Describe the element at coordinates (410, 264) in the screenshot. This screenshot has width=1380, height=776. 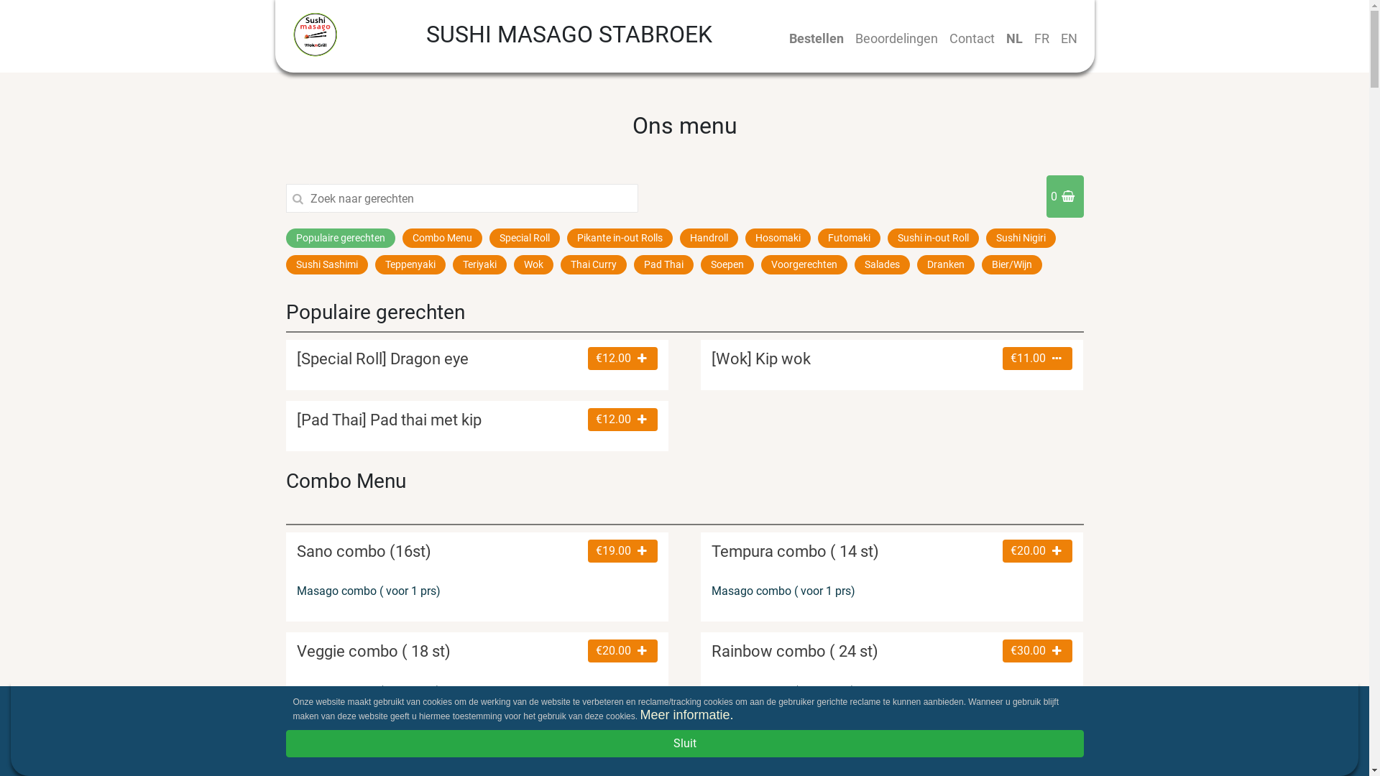
I see `'Teppenyaki'` at that location.